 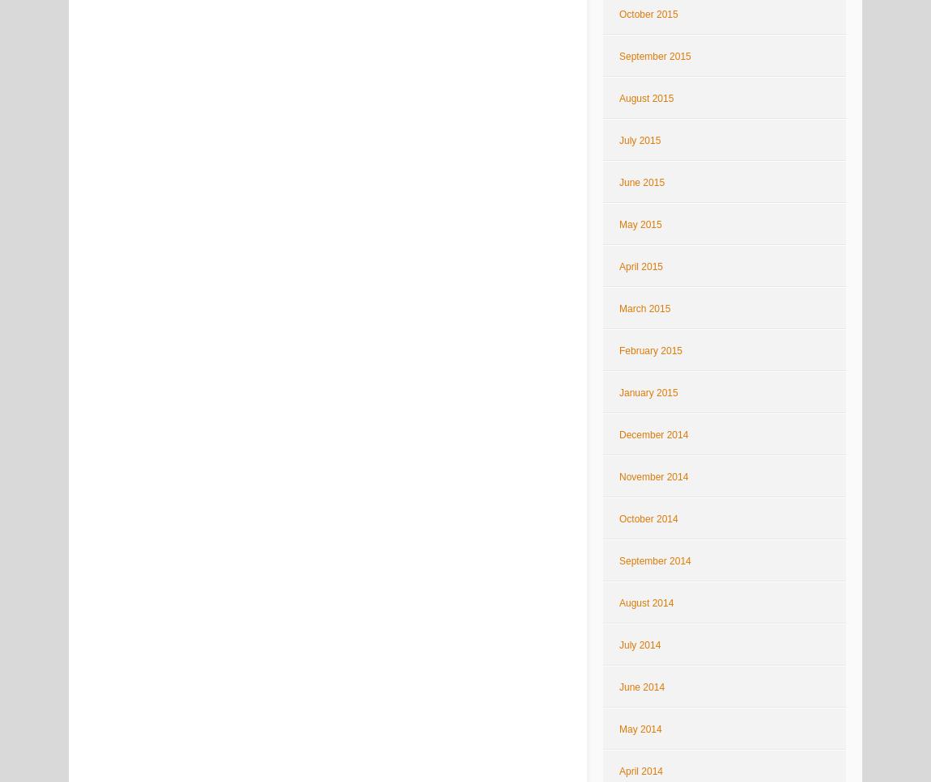 What do you see at coordinates (654, 56) in the screenshot?
I see `'September 2015'` at bounding box center [654, 56].